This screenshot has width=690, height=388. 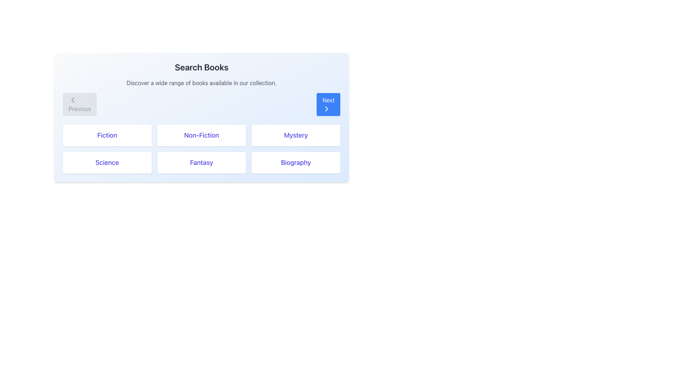 I want to click on the rectangular button labeled 'Mystery' with a white background and bold blue font, so click(x=296, y=135).